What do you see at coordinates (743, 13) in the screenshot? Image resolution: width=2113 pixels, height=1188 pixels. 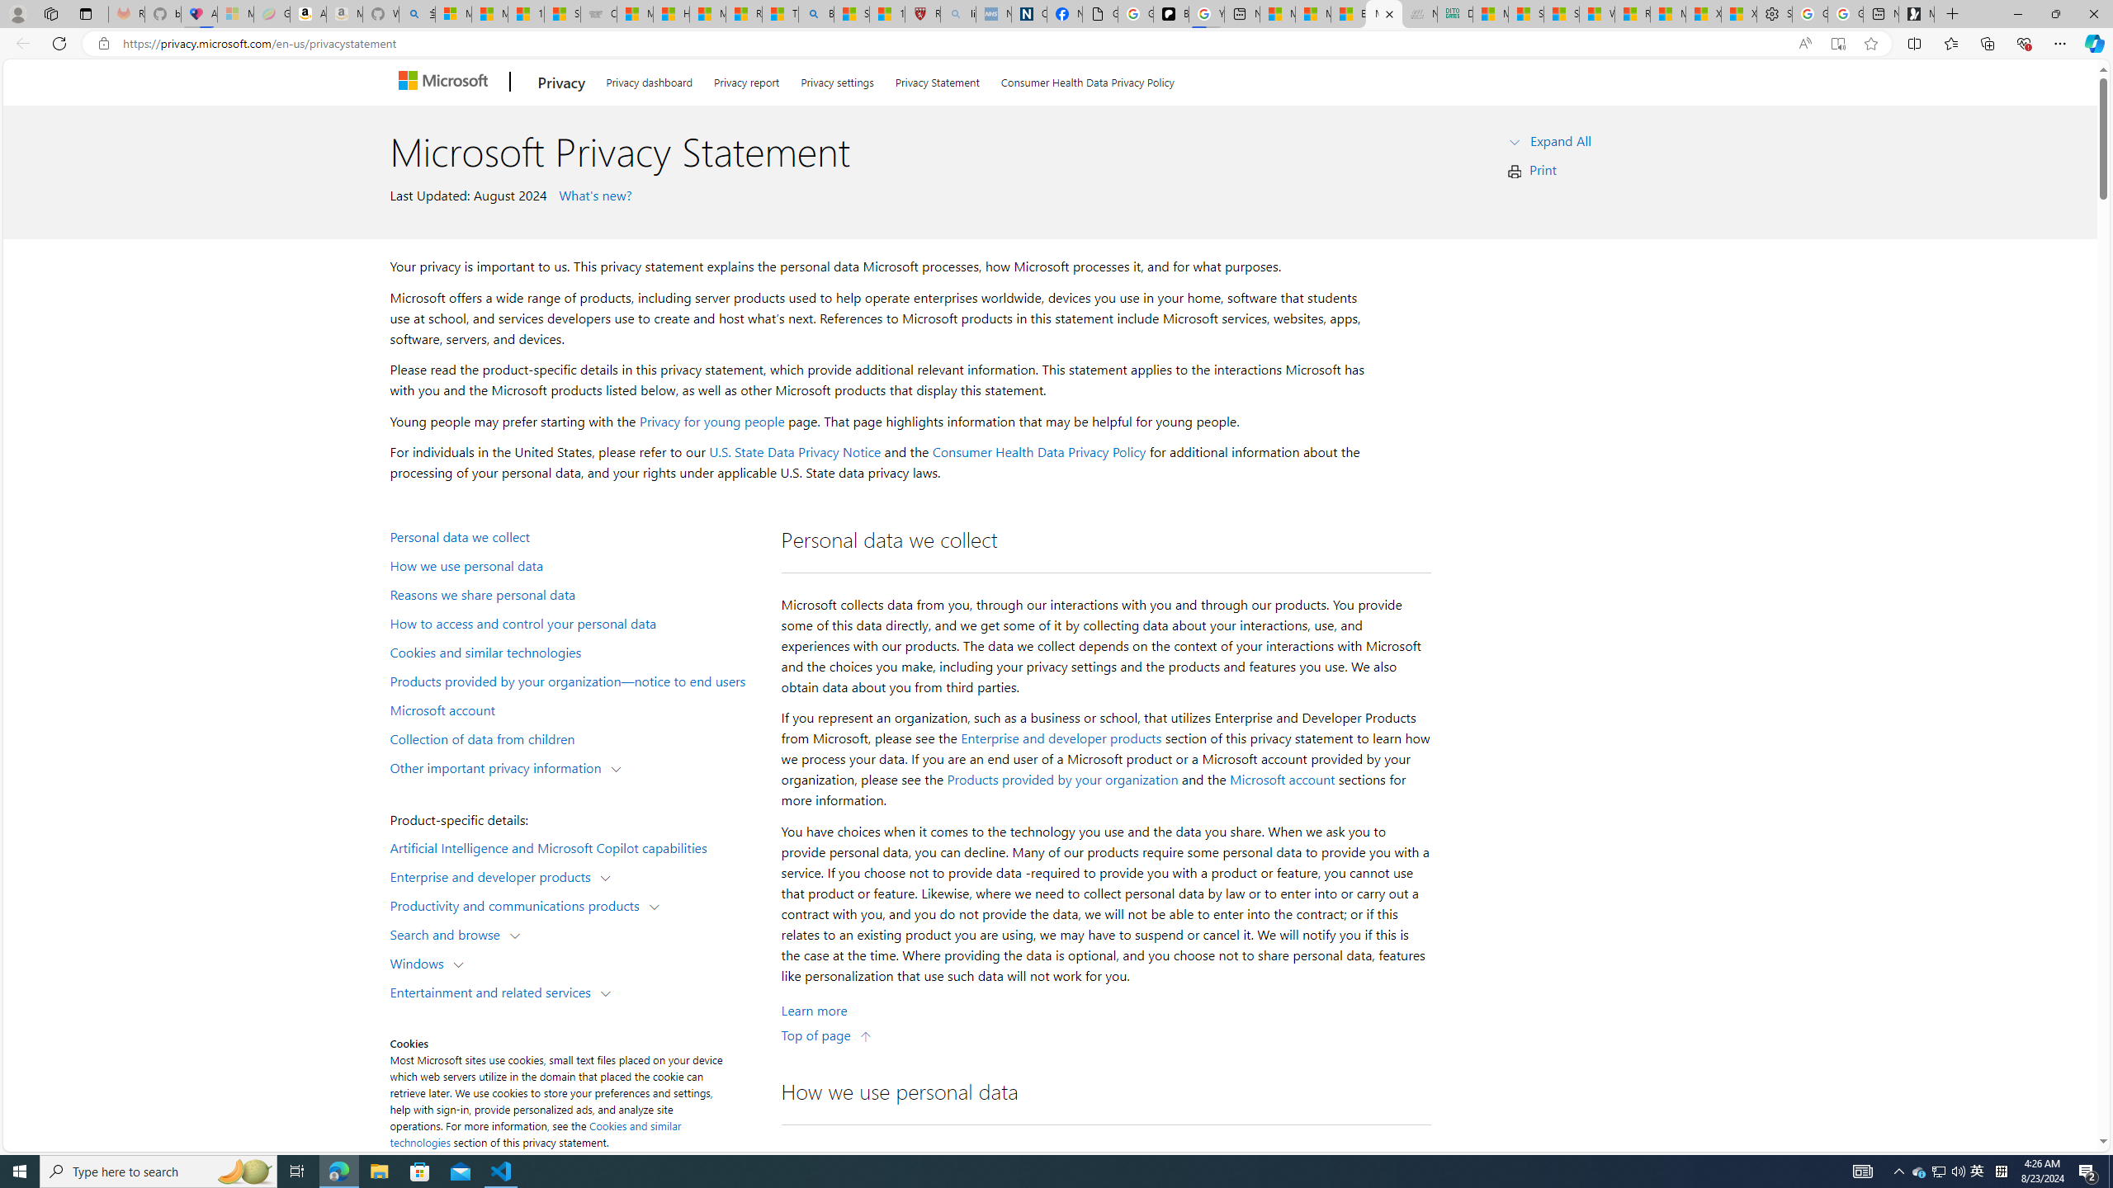 I see `'Recipes - MSN'` at bounding box center [743, 13].